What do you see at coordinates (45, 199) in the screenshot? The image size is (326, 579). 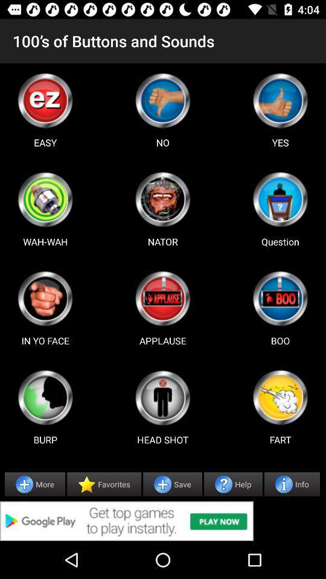 I see `game options` at bounding box center [45, 199].